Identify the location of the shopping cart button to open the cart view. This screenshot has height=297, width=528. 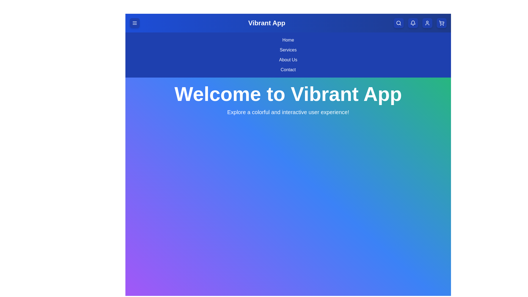
(441, 23).